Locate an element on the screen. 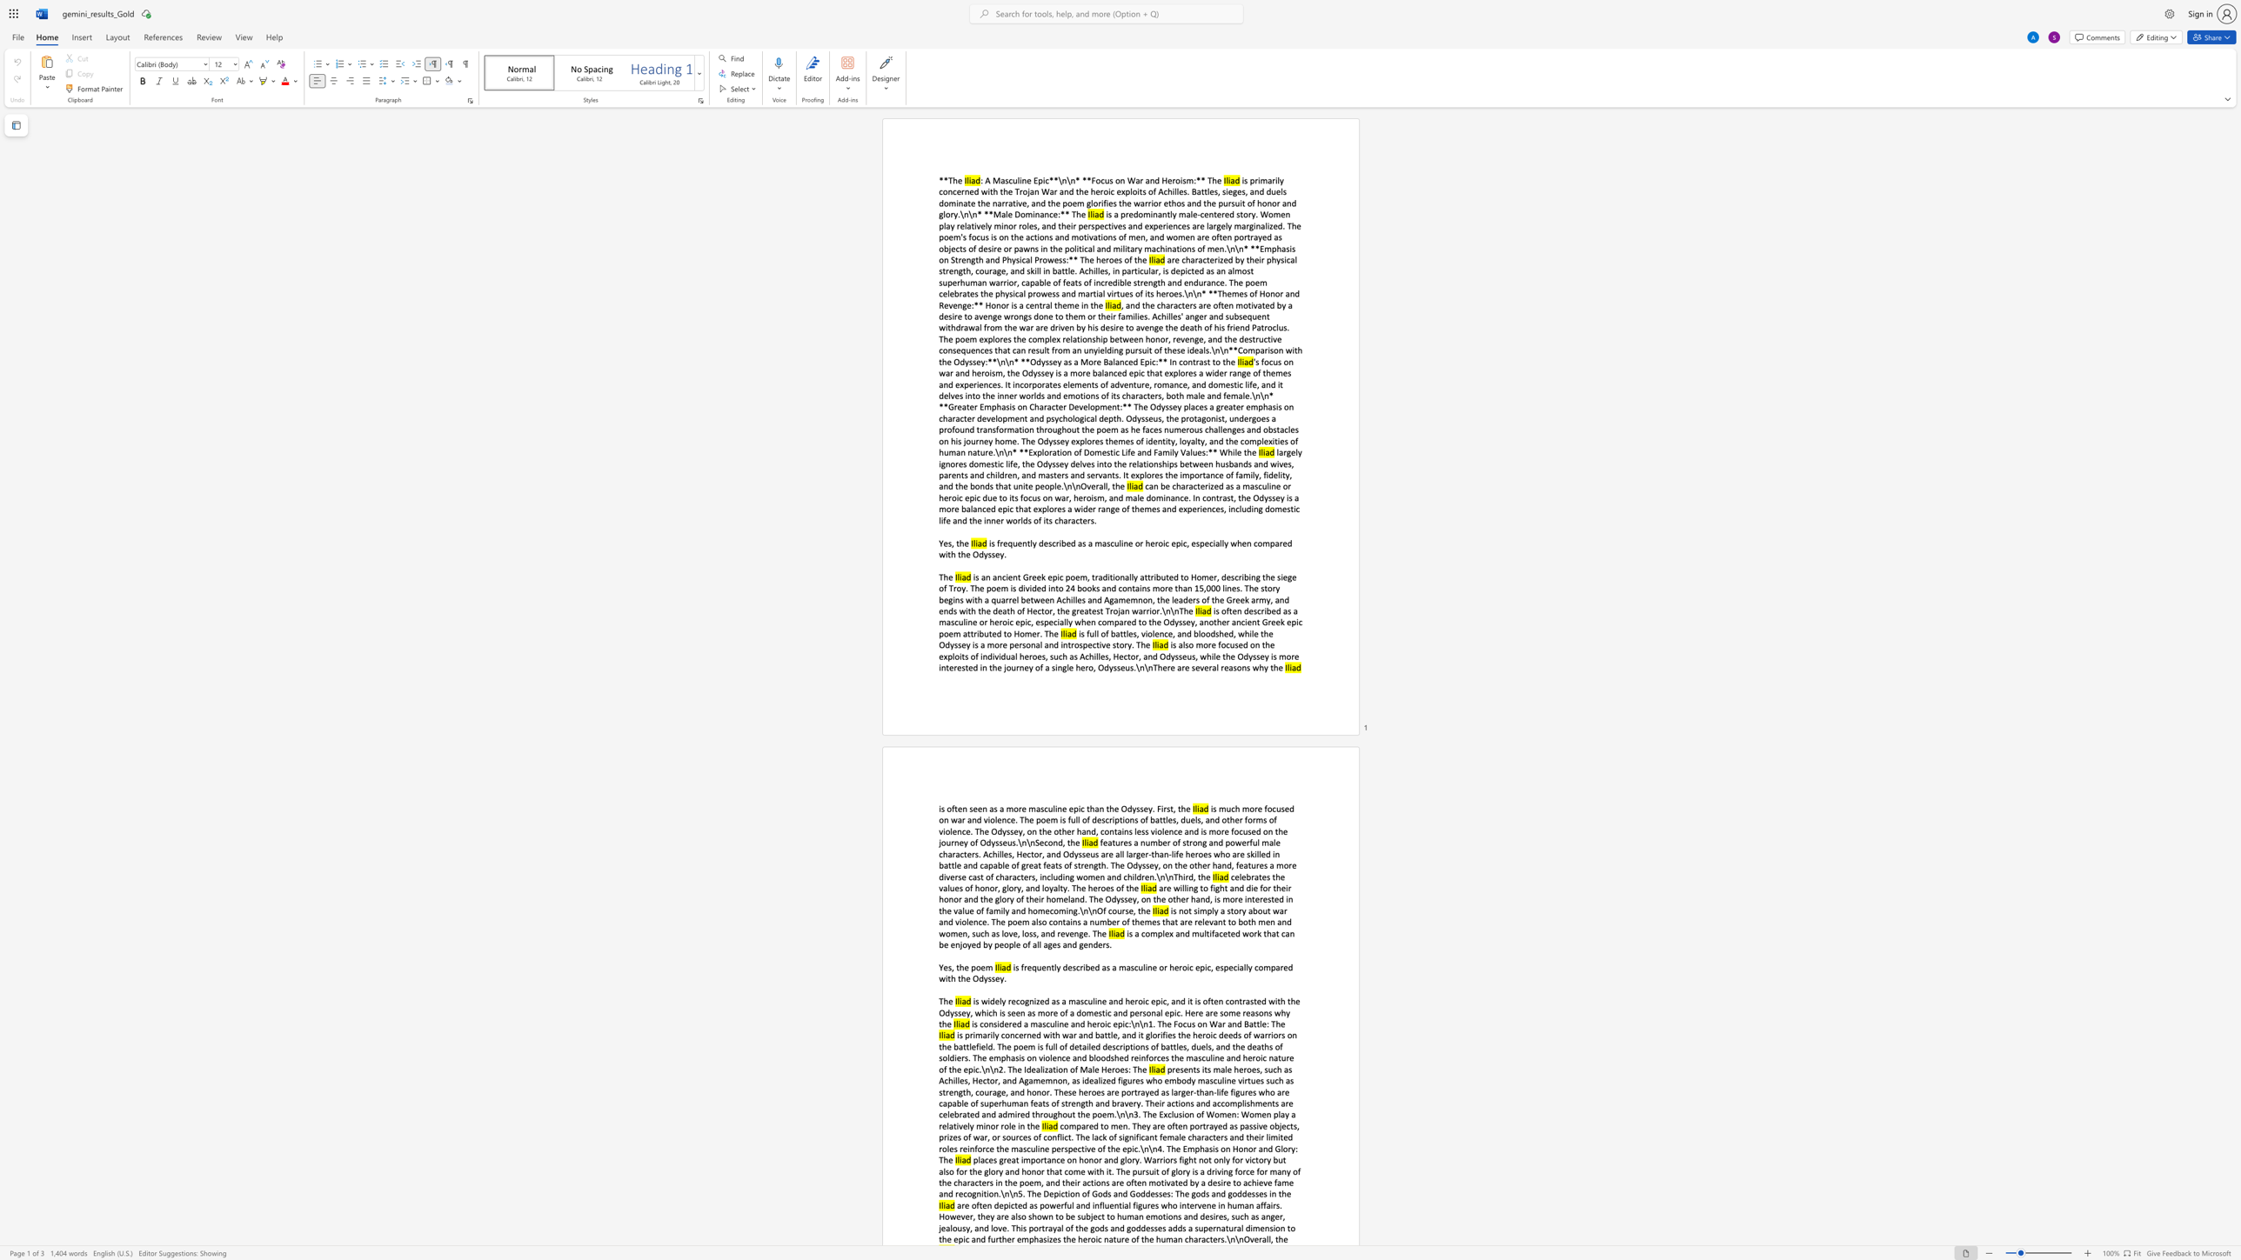 The width and height of the screenshot is (2241, 1260). the subset text "he" within the text "is often seen as a more masculine epic than the Odyssey. First, the" is located at coordinates (1180, 808).